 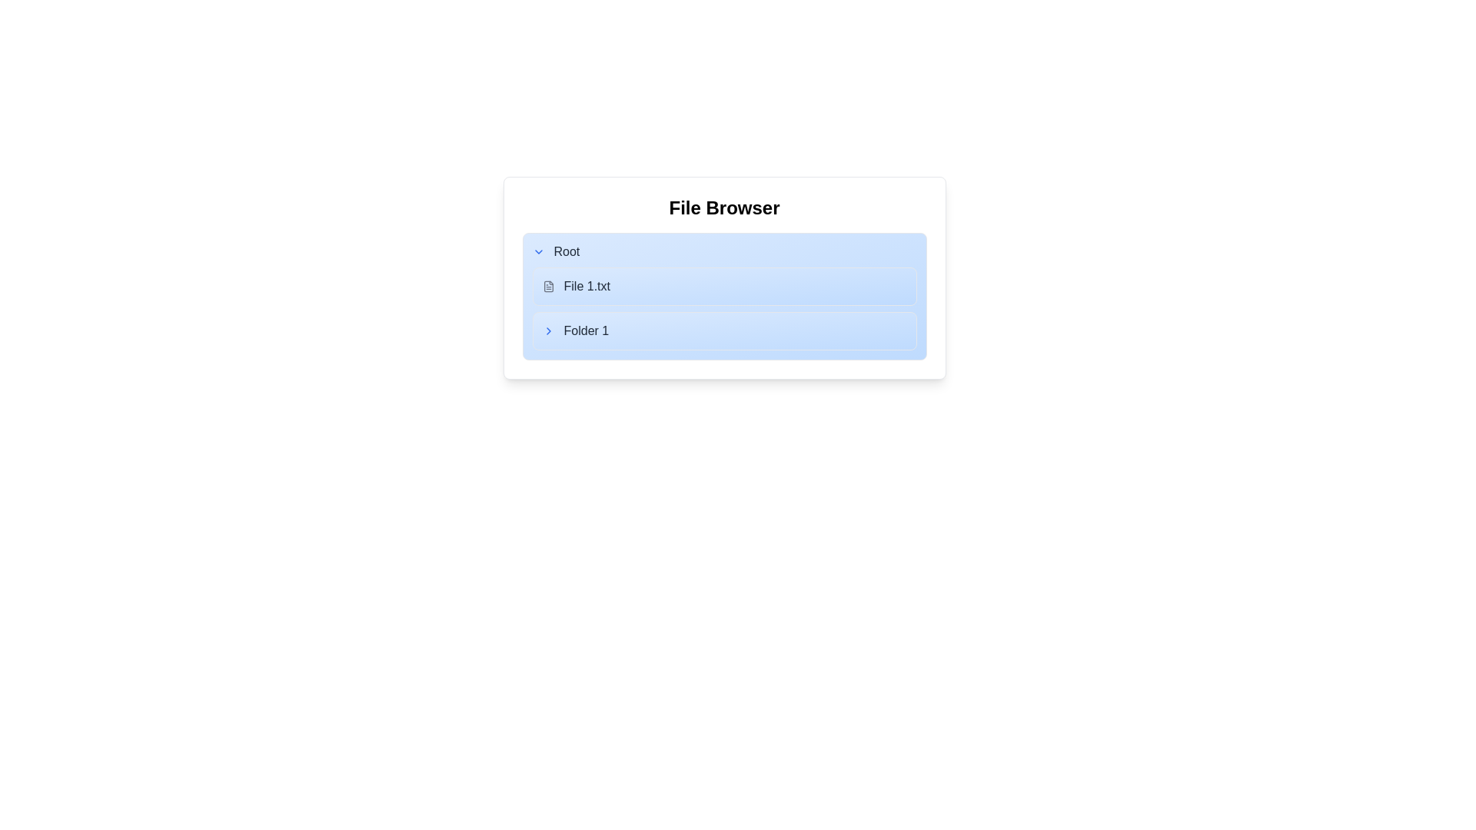 I want to click on the Text Label displaying the name of a file, located in the file browser interface under the 'Root' label and above 'Folder 1', so click(x=586, y=287).